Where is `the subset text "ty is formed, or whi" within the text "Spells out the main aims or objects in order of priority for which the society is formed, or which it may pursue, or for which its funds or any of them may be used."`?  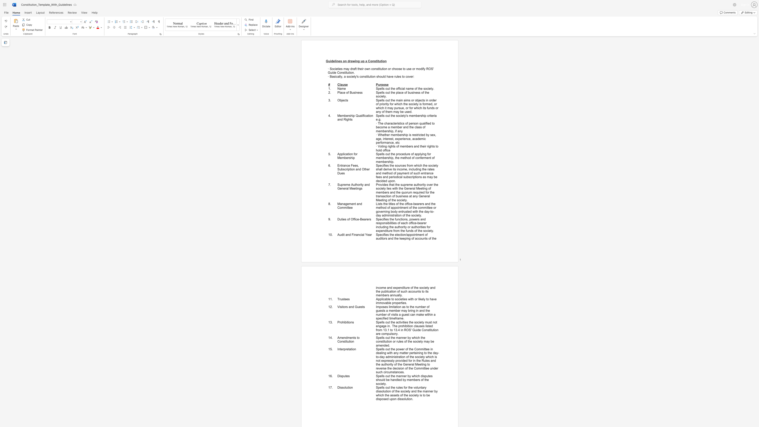 the subset text "ty is formed, or whi" within the text "Spells out the main aims or objects in order of priority for which the society is formed, or which it may pursue, or for which its funds or any of them may be used." is located at coordinates (416, 104).